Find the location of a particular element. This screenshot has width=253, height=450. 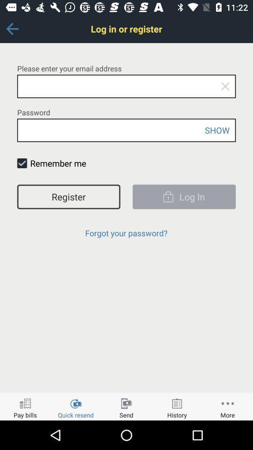

item below register item is located at coordinates (126, 232).